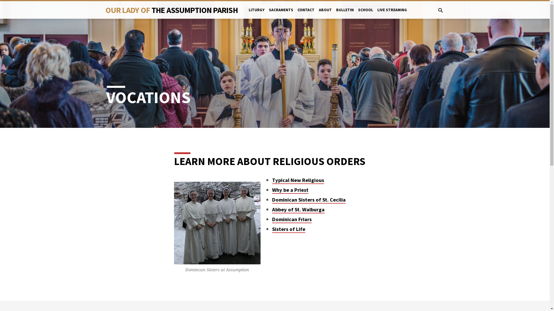 This screenshot has width=554, height=311. What do you see at coordinates (256, 13) in the screenshot?
I see `'LITURGY'` at bounding box center [256, 13].